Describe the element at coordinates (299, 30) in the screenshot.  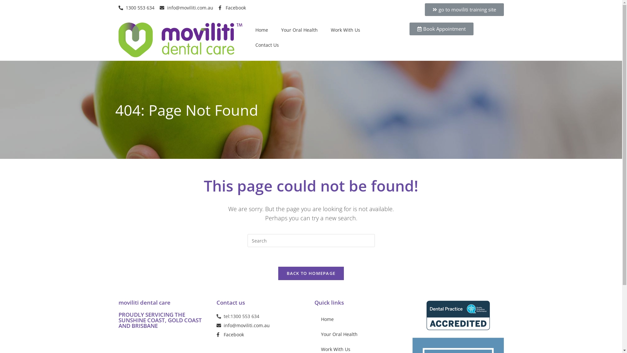
I see `'Your Oral Health'` at that location.